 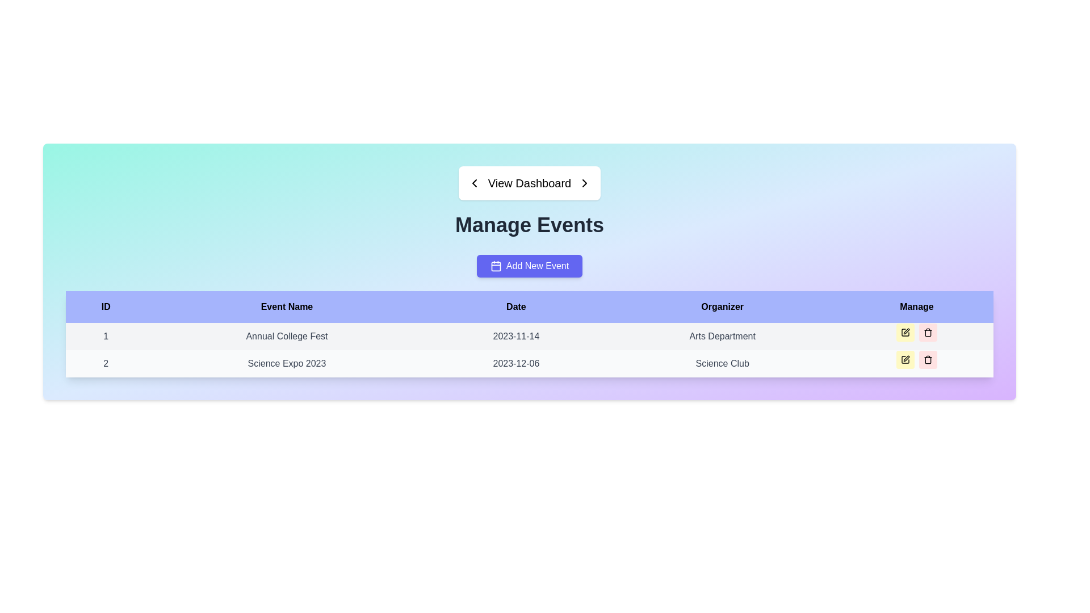 I want to click on the delete button in the 'Manage' column of the second row of the events table, so click(x=928, y=332).